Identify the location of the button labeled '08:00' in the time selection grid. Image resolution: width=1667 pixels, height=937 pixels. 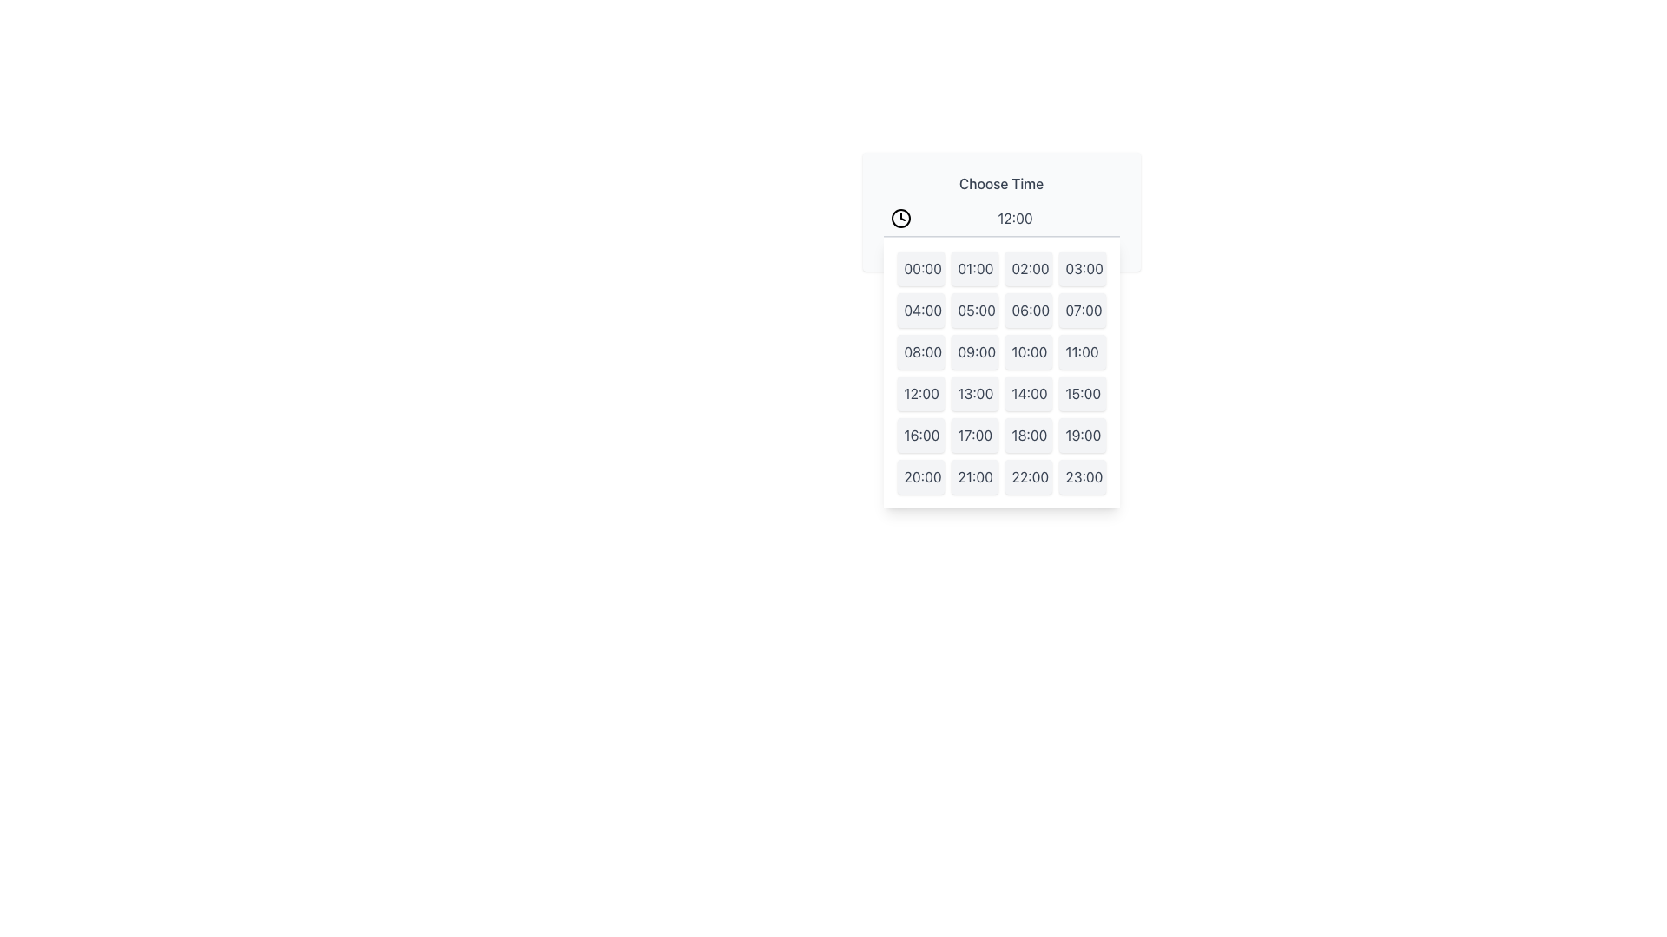
(919, 351).